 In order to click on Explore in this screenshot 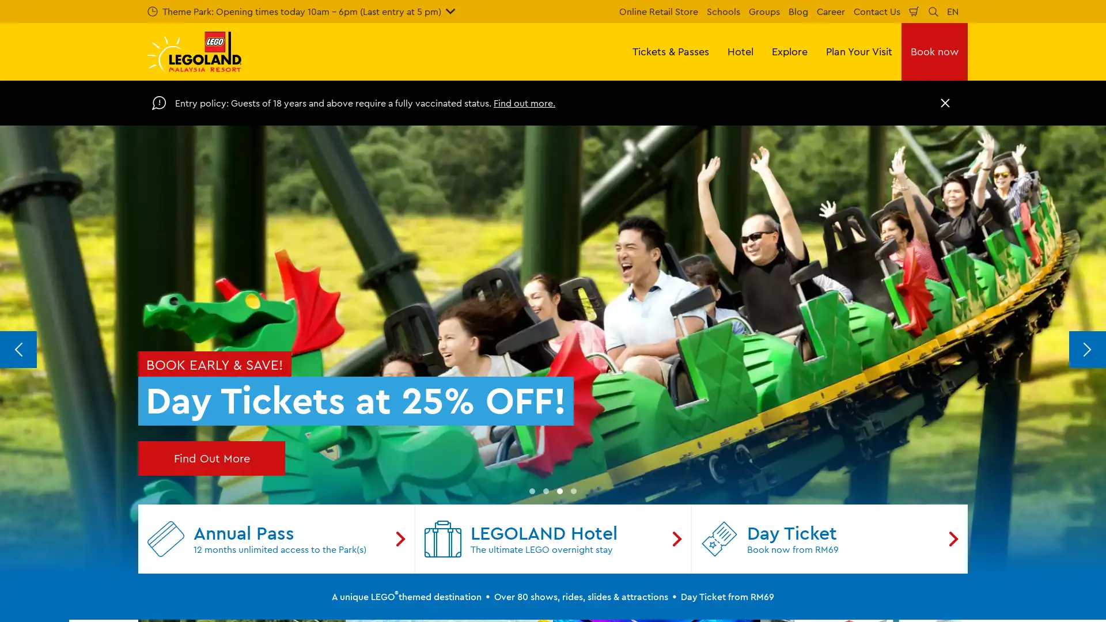, I will do `click(789, 51)`.